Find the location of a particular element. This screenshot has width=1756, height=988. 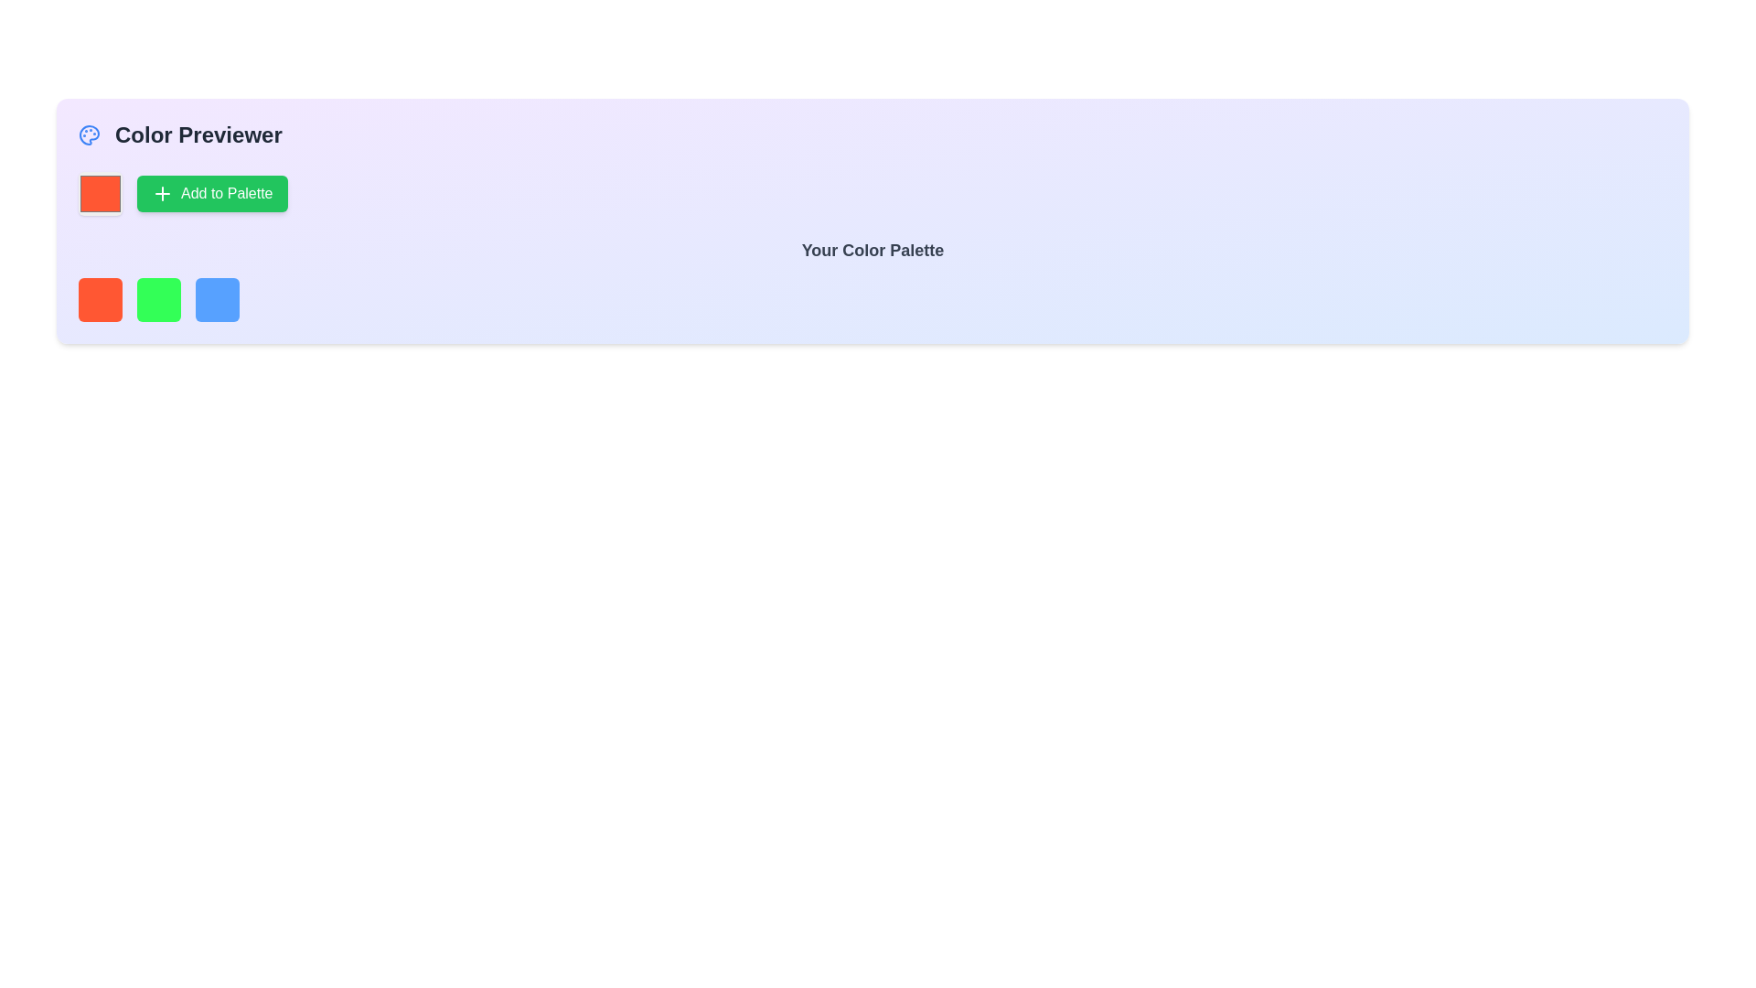

decorative icon located in the header section titled 'Color Previewer' to understand its contextual meaning is located at coordinates (88, 134).